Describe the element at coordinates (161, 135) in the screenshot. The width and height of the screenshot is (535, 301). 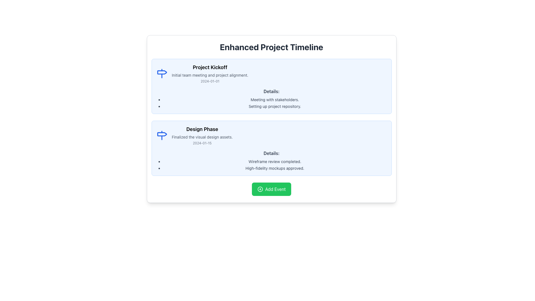
I see `the milestone icon located at the left side of the 'Design Phase' section, which is the first element preceding the text 'Design Phase'` at that location.